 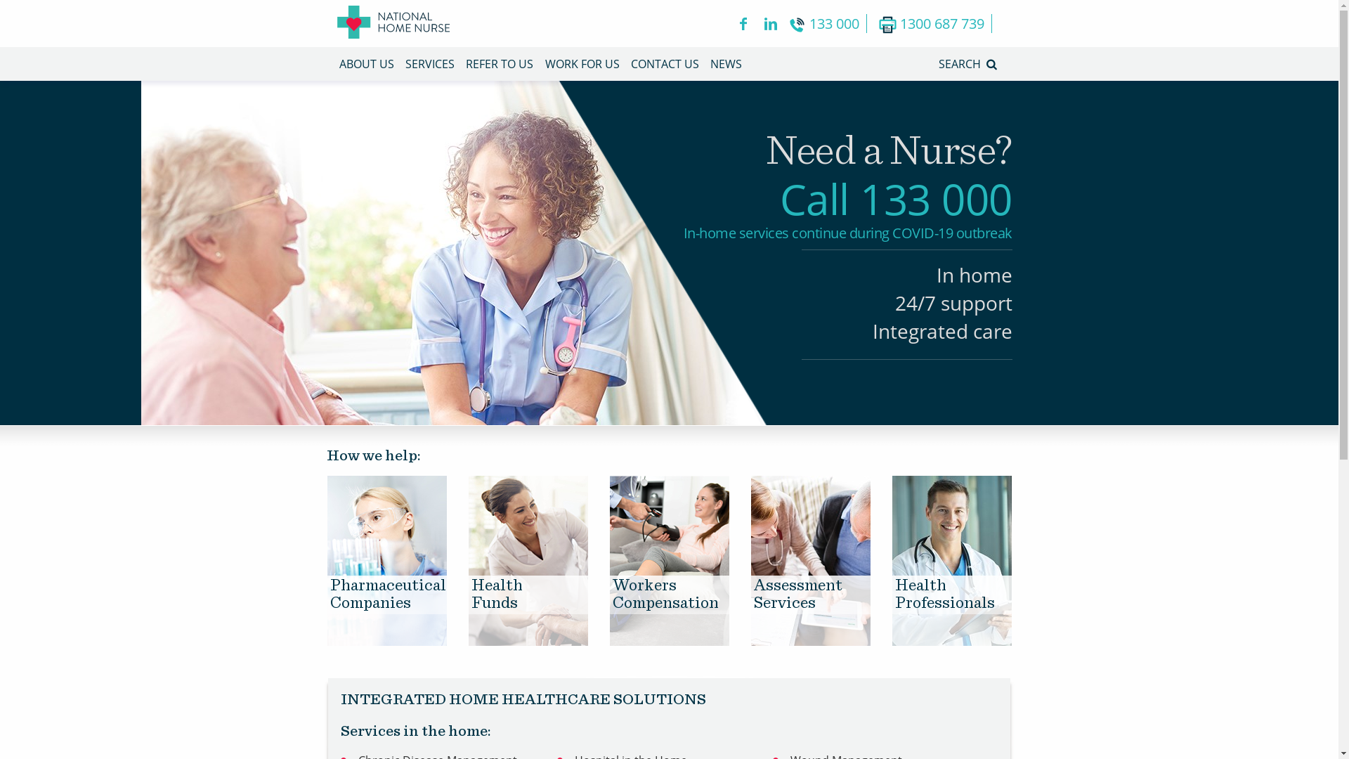 I want to click on 'NEWS', so click(x=726, y=64).